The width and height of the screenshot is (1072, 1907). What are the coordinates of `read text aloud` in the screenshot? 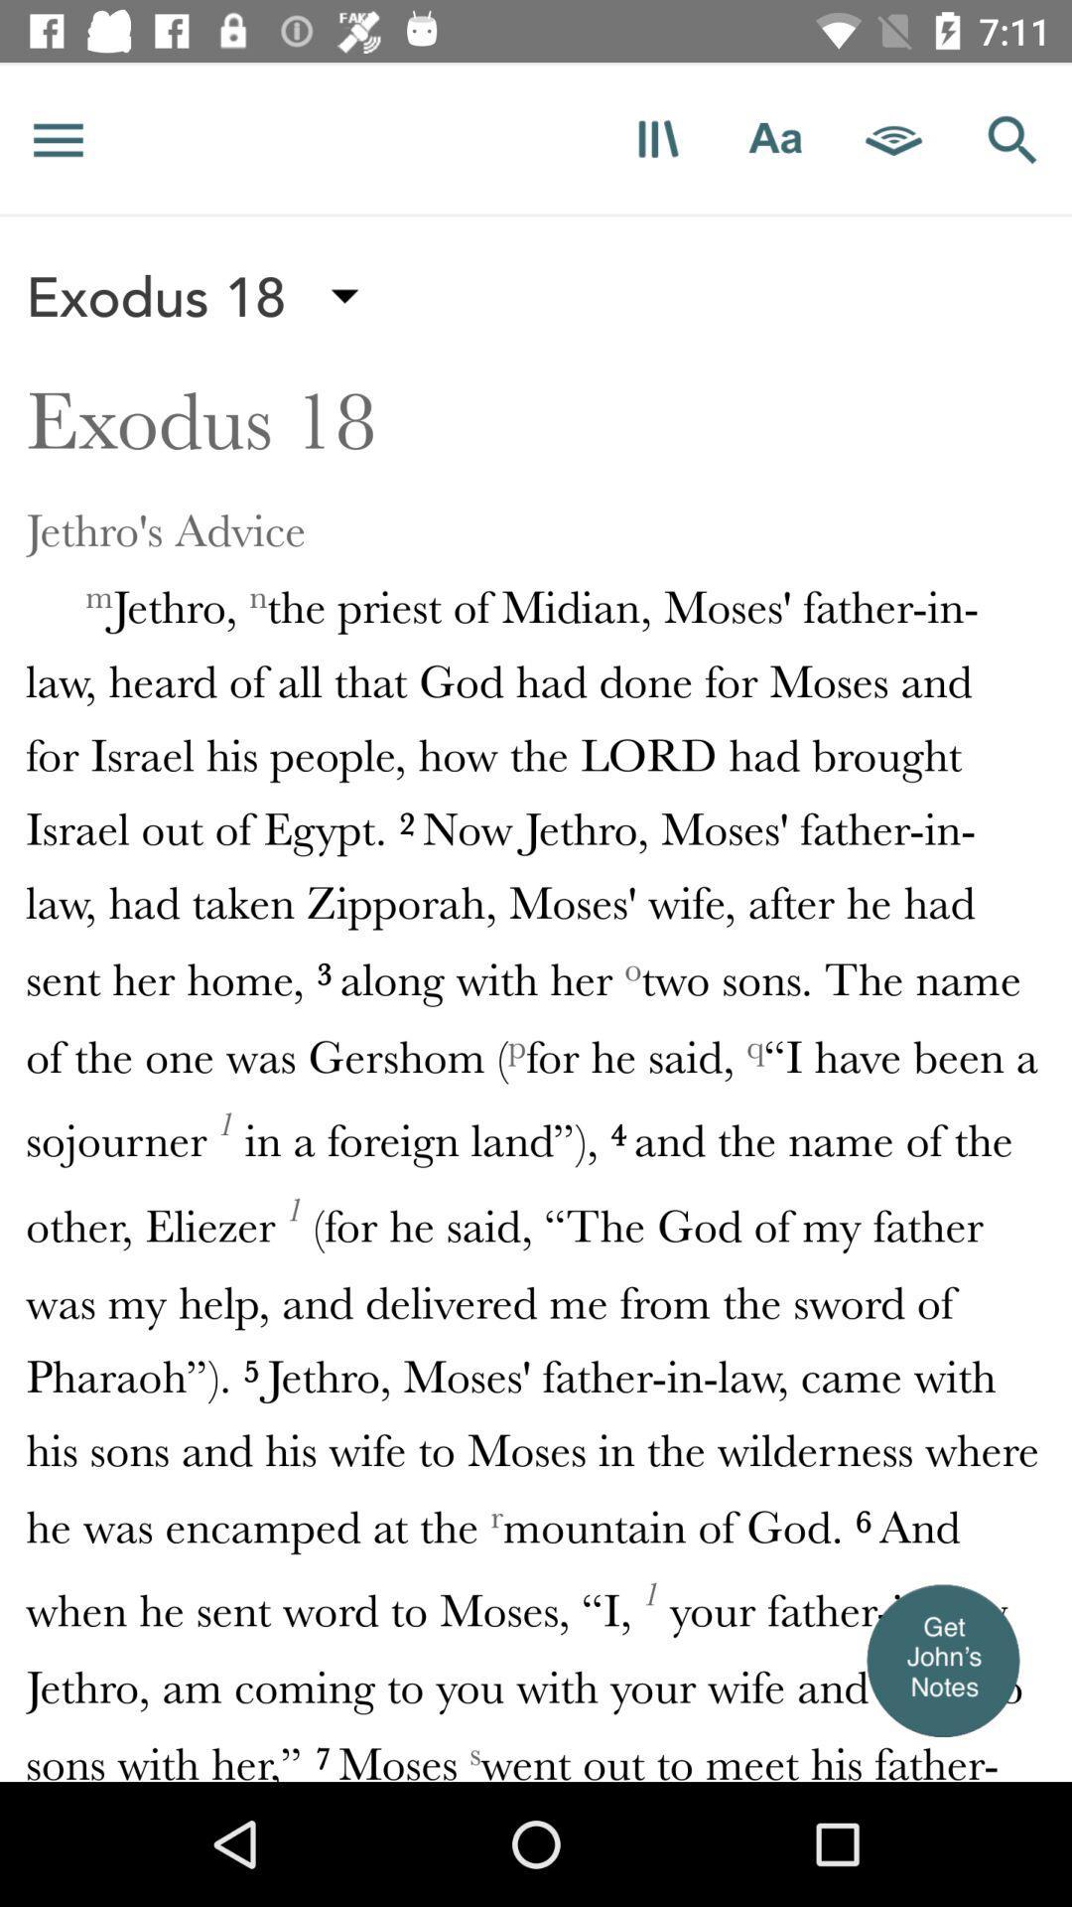 It's located at (894, 138).